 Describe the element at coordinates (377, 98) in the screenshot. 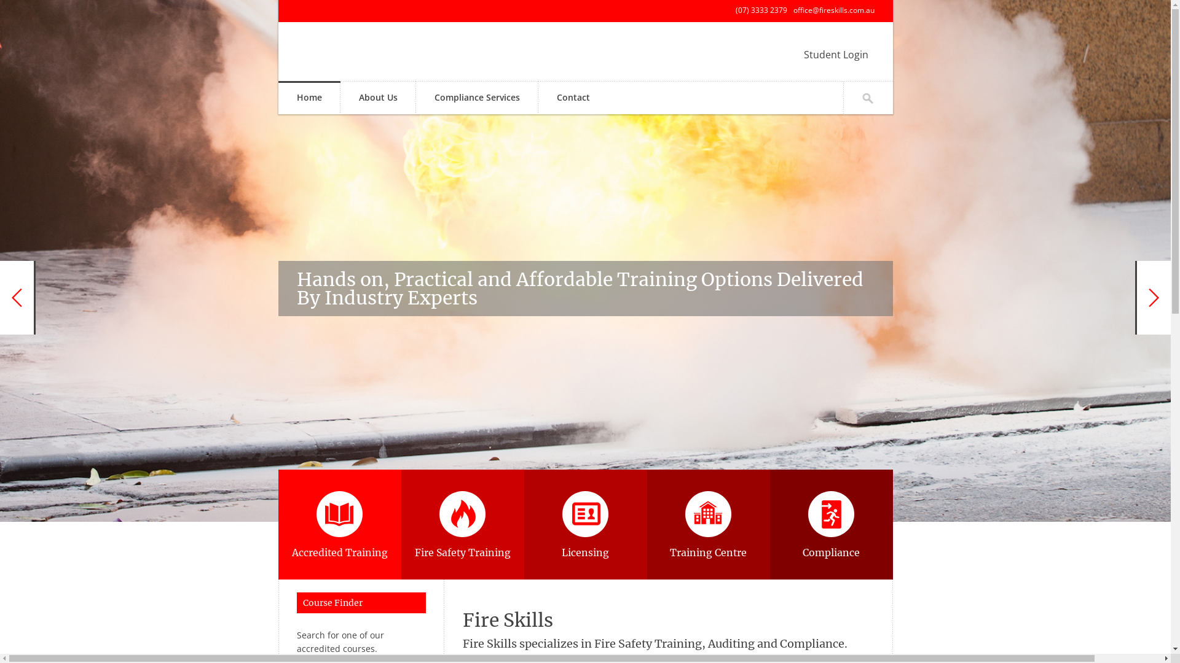

I see `'About Us'` at that location.